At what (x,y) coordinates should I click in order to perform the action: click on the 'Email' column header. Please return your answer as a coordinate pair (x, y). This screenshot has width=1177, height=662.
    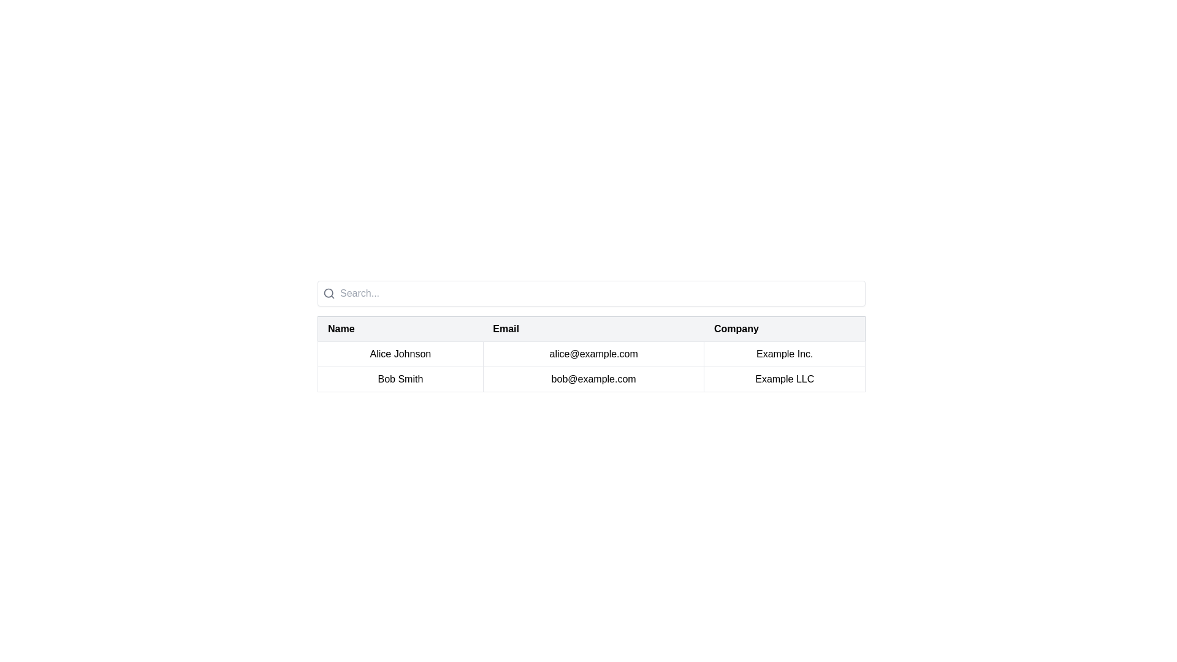
    Looking at the image, I should click on (593, 328).